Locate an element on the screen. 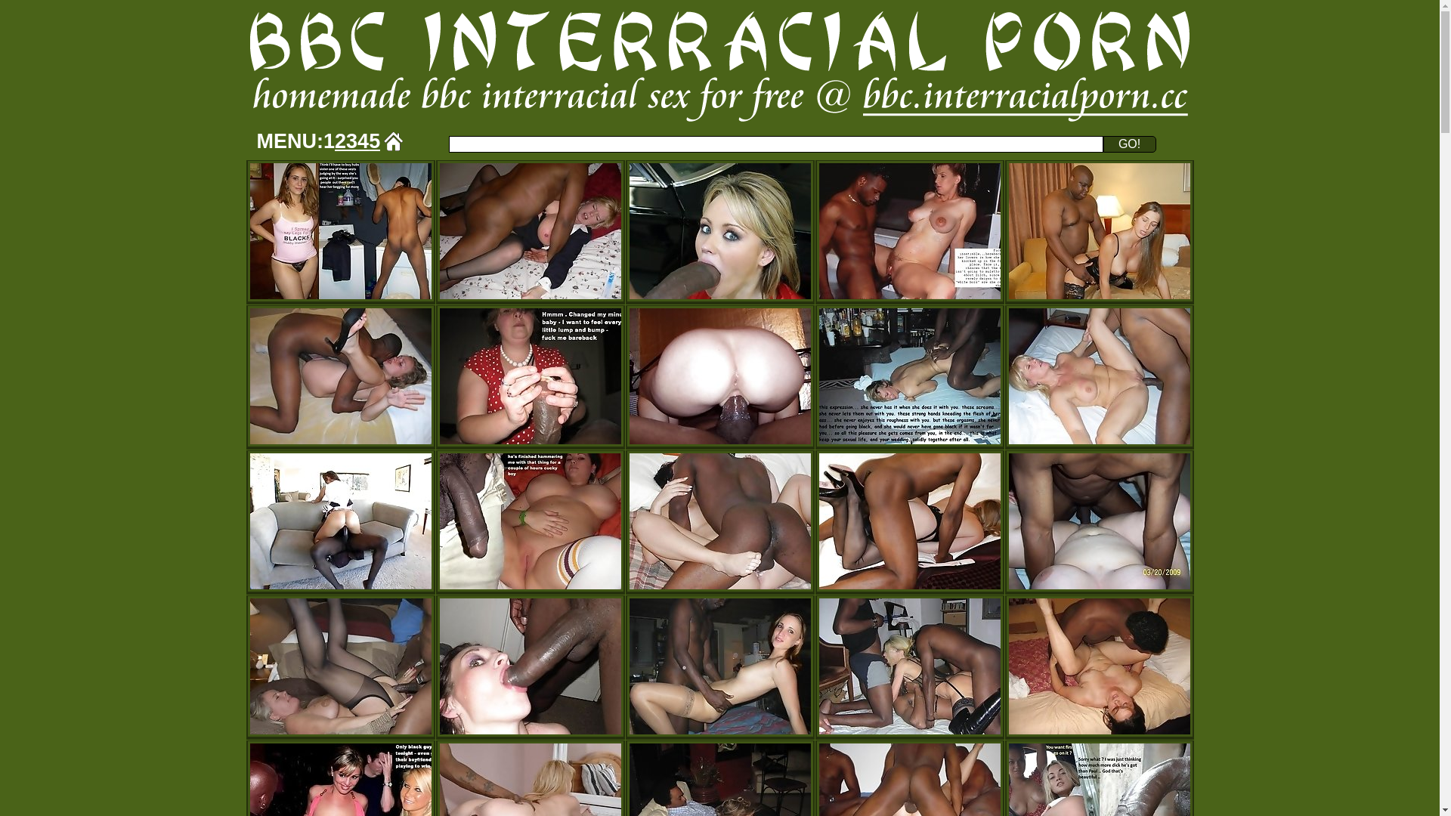 This screenshot has width=1451, height=816. 'GO!' is located at coordinates (1129, 144).